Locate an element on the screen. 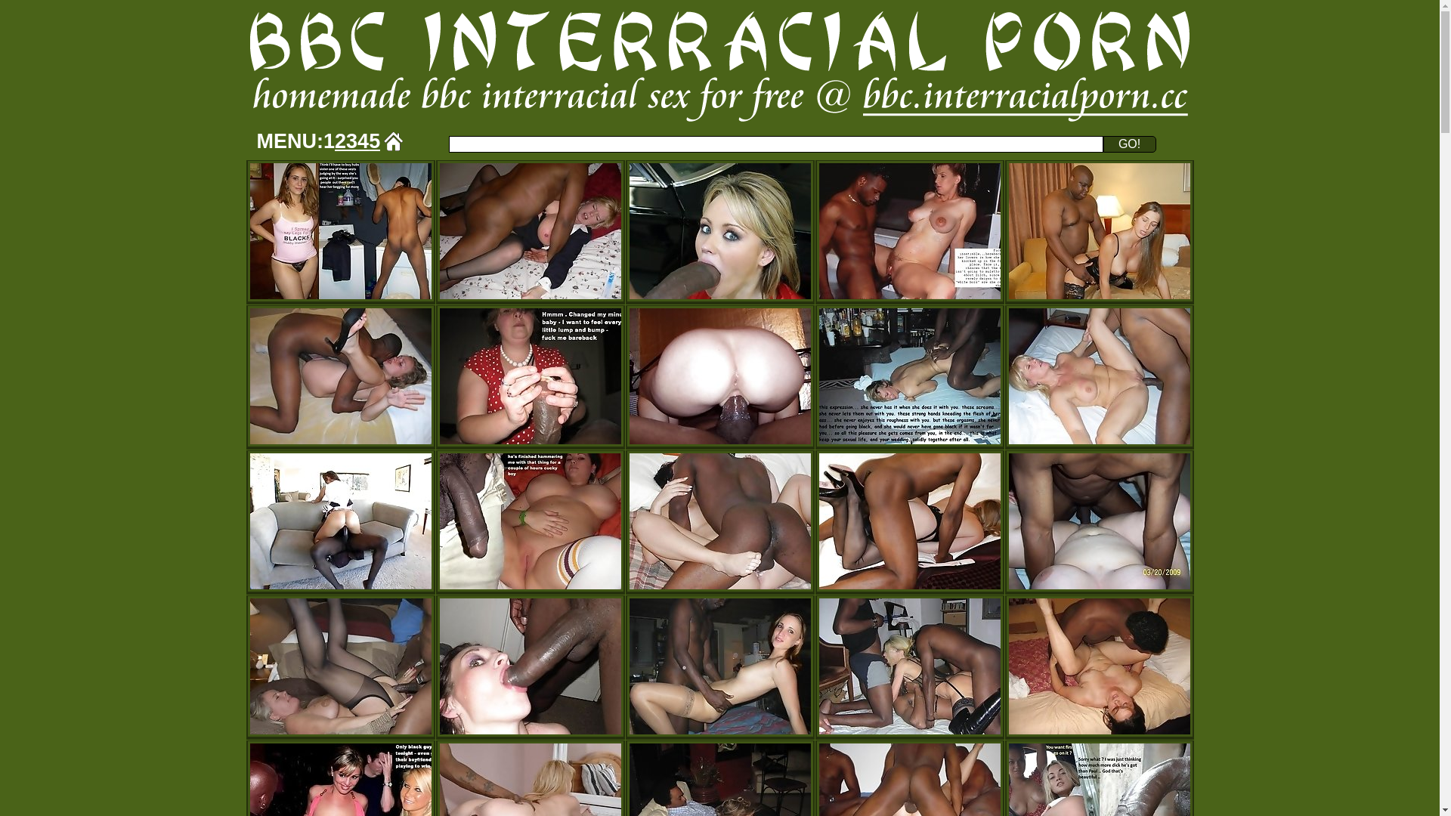 This screenshot has width=1451, height=816. 'GO!' is located at coordinates (1129, 144).